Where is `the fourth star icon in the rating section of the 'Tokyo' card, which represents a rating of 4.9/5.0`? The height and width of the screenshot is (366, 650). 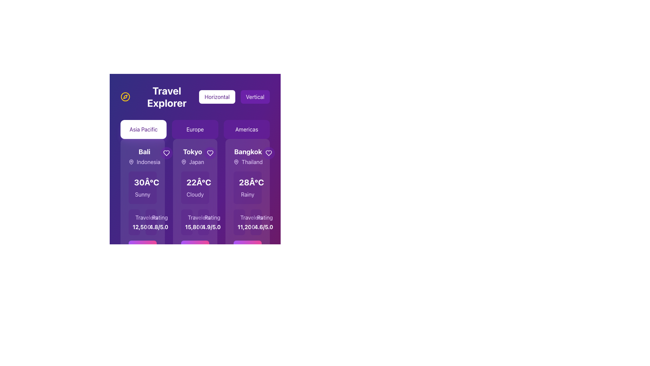
the fourth star icon in the rating section of the 'Tokyo' card, which represents a rating of 4.9/5.0 is located at coordinates (205, 219).